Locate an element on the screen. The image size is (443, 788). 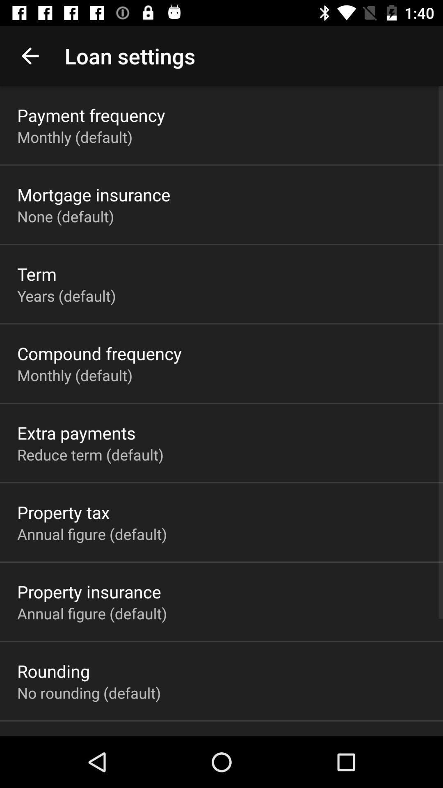
no rounding (default) icon is located at coordinates (89, 692).